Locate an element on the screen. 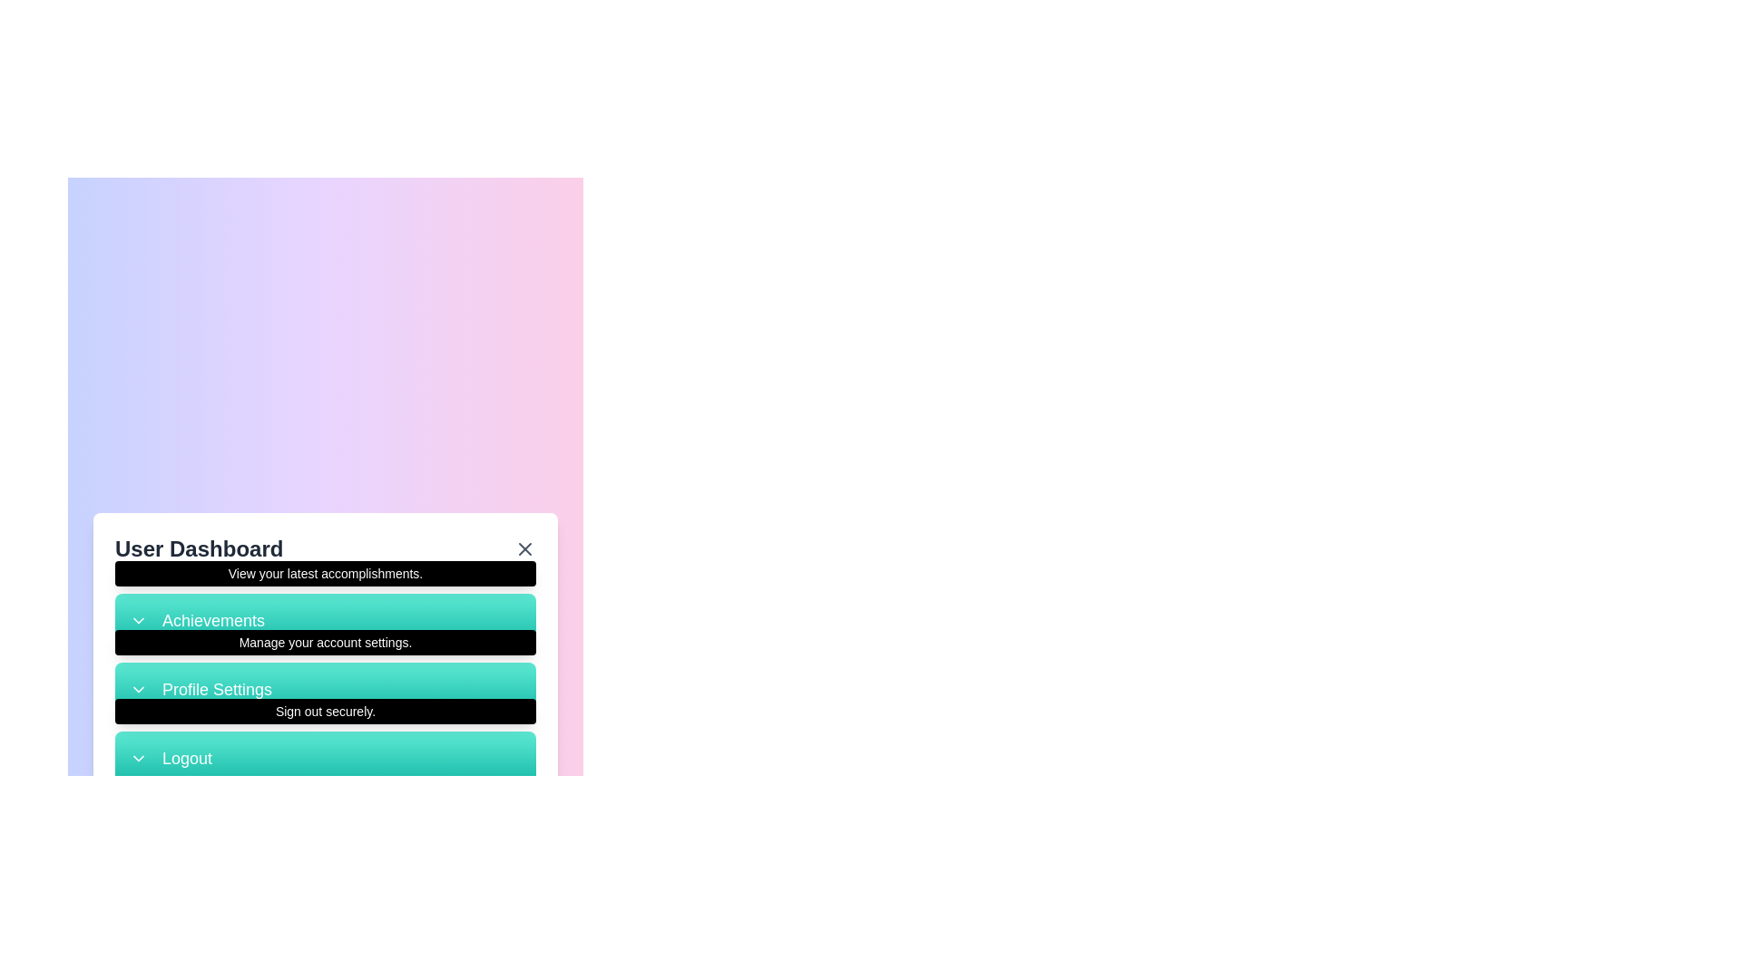  the 'Profile Settings' button is located at coordinates (326, 667).